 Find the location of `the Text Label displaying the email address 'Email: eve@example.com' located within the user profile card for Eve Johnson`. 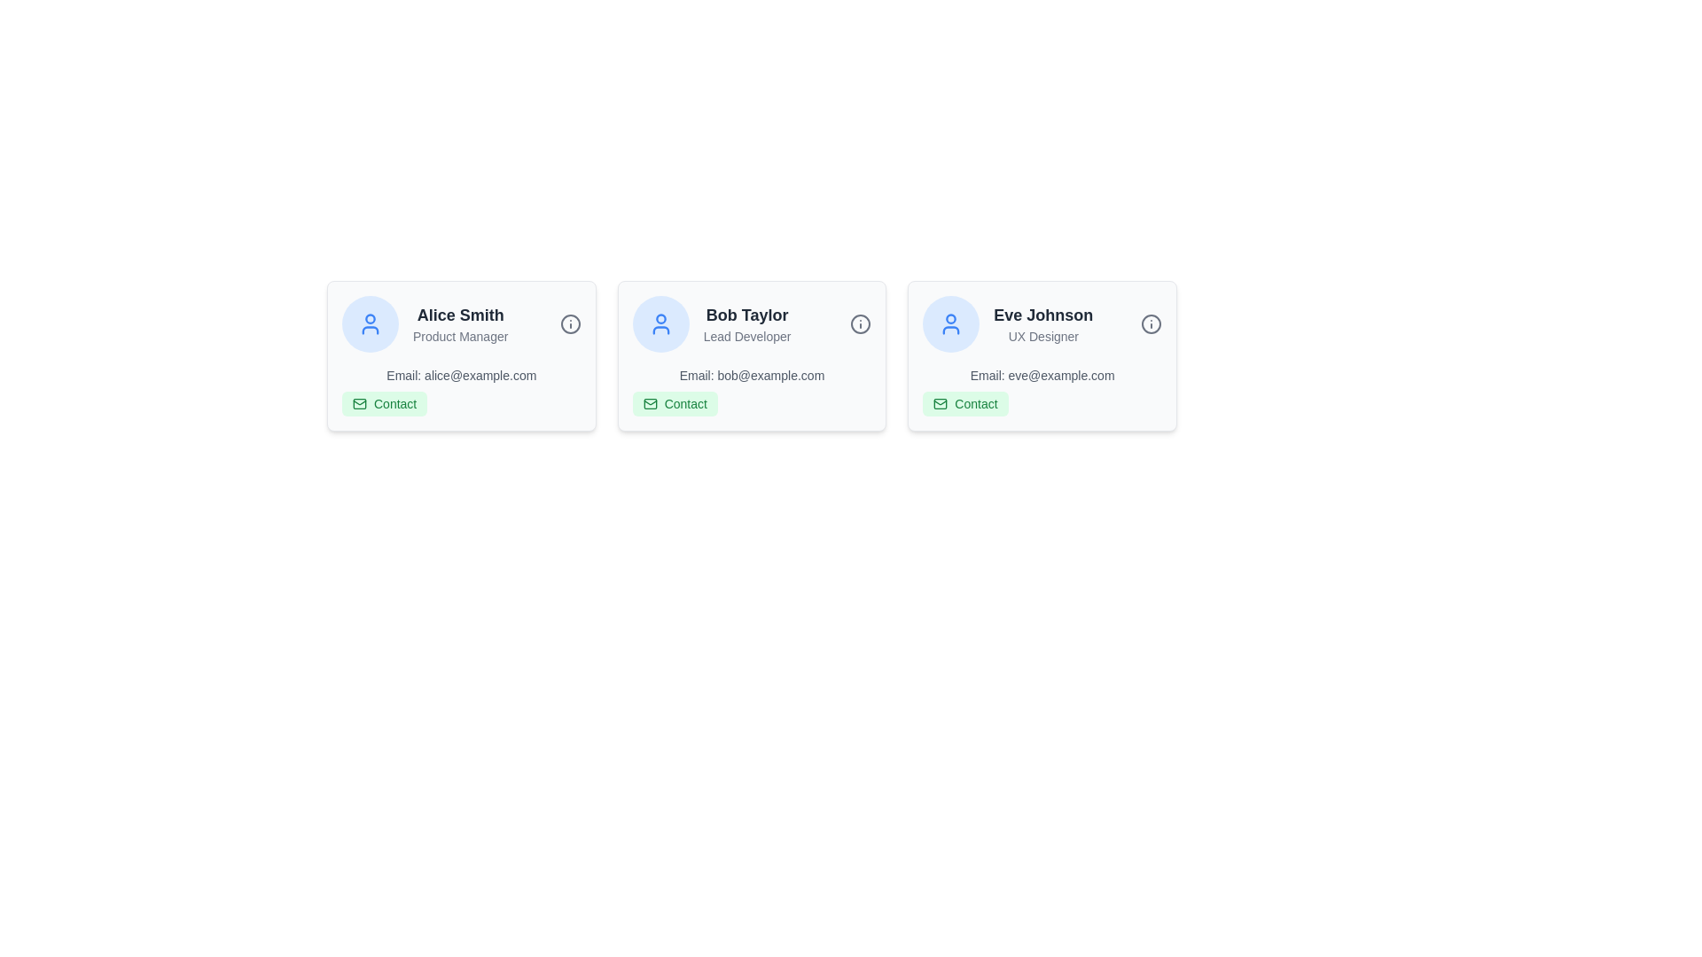

the Text Label displaying the email address 'Email: eve@example.com' located within the user profile card for Eve Johnson is located at coordinates (1042, 375).